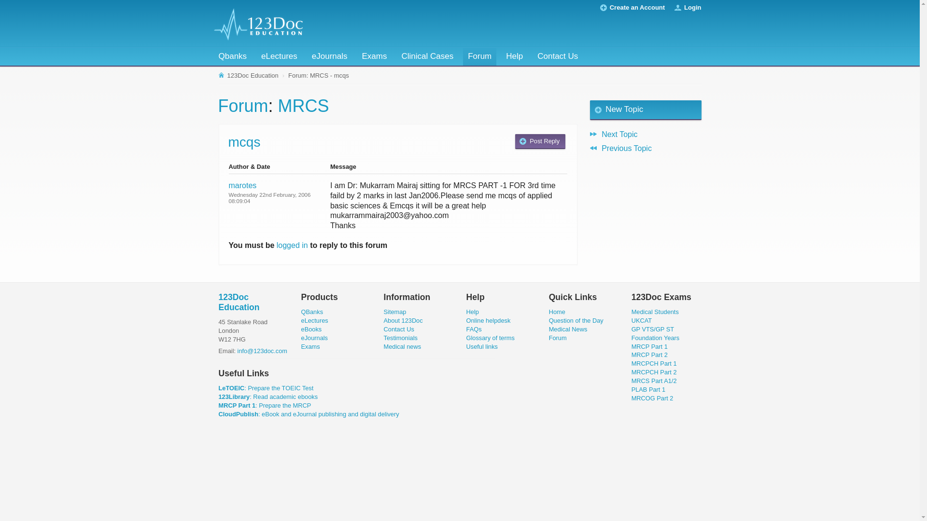  Describe the element at coordinates (249, 75) in the screenshot. I see `'123Doc Education'` at that location.